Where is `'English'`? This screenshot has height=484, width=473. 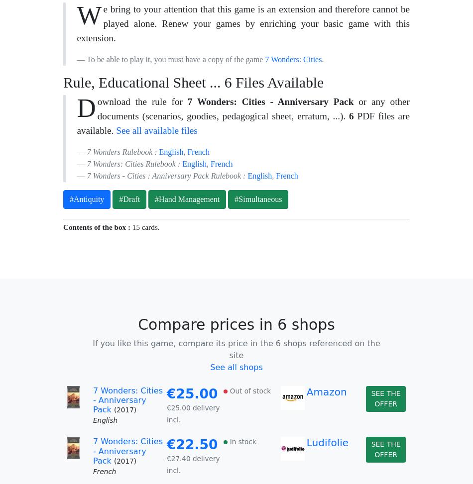
'English' is located at coordinates (200, 21).